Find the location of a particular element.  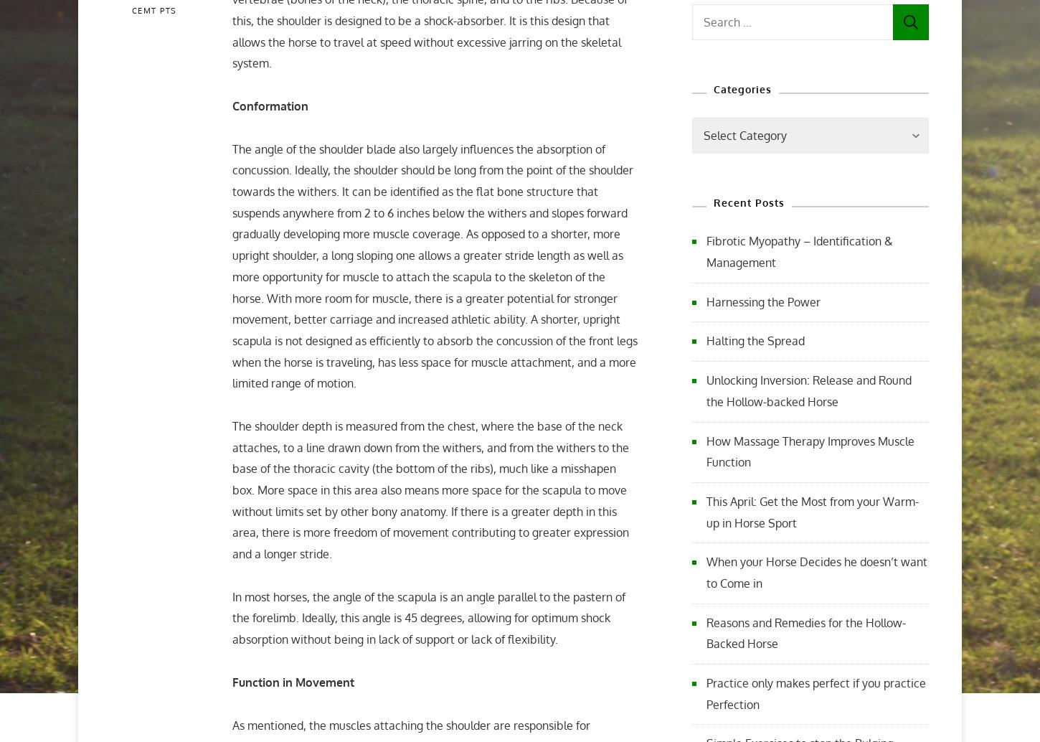

'When your Horse Decides he doesn’t want to Come in' is located at coordinates (816, 571).